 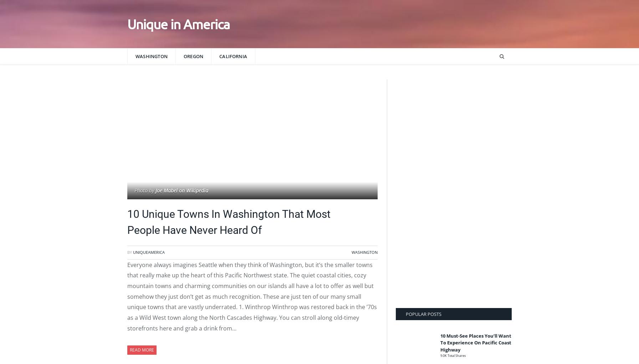 What do you see at coordinates (476, 342) in the screenshot?
I see `'10 Must-See Places You’ll Want To Experience On Pacific Coast Highway'` at bounding box center [476, 342].